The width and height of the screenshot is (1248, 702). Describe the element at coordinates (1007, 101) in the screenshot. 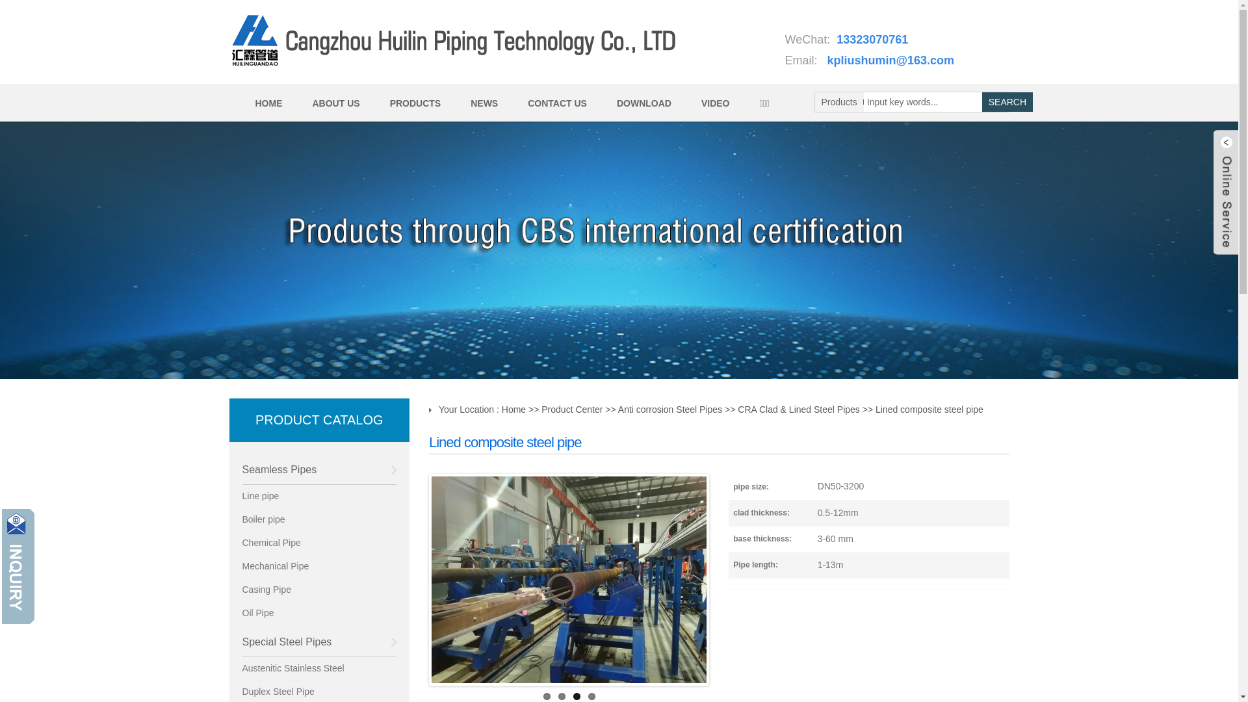

I see `'SEARCH'` at that location.